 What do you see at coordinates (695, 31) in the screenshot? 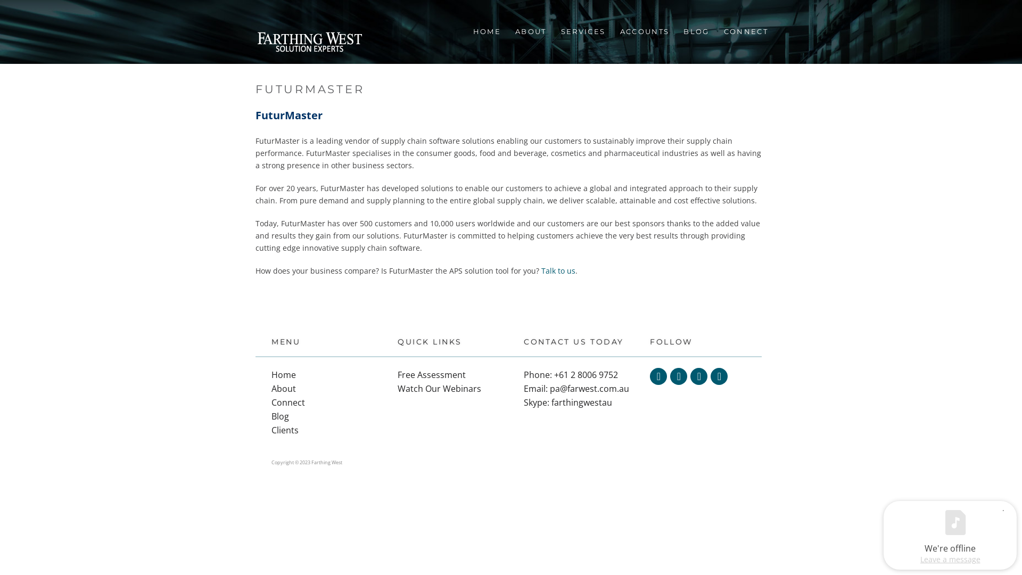
I see `'BLOG'` at bounding box center [695, 31].